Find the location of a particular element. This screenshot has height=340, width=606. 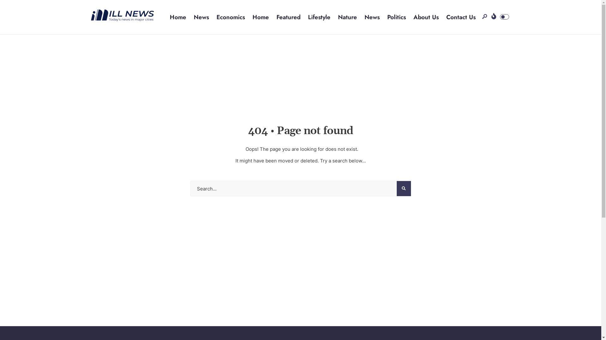

'Home' is located at coordinates (178, 17).